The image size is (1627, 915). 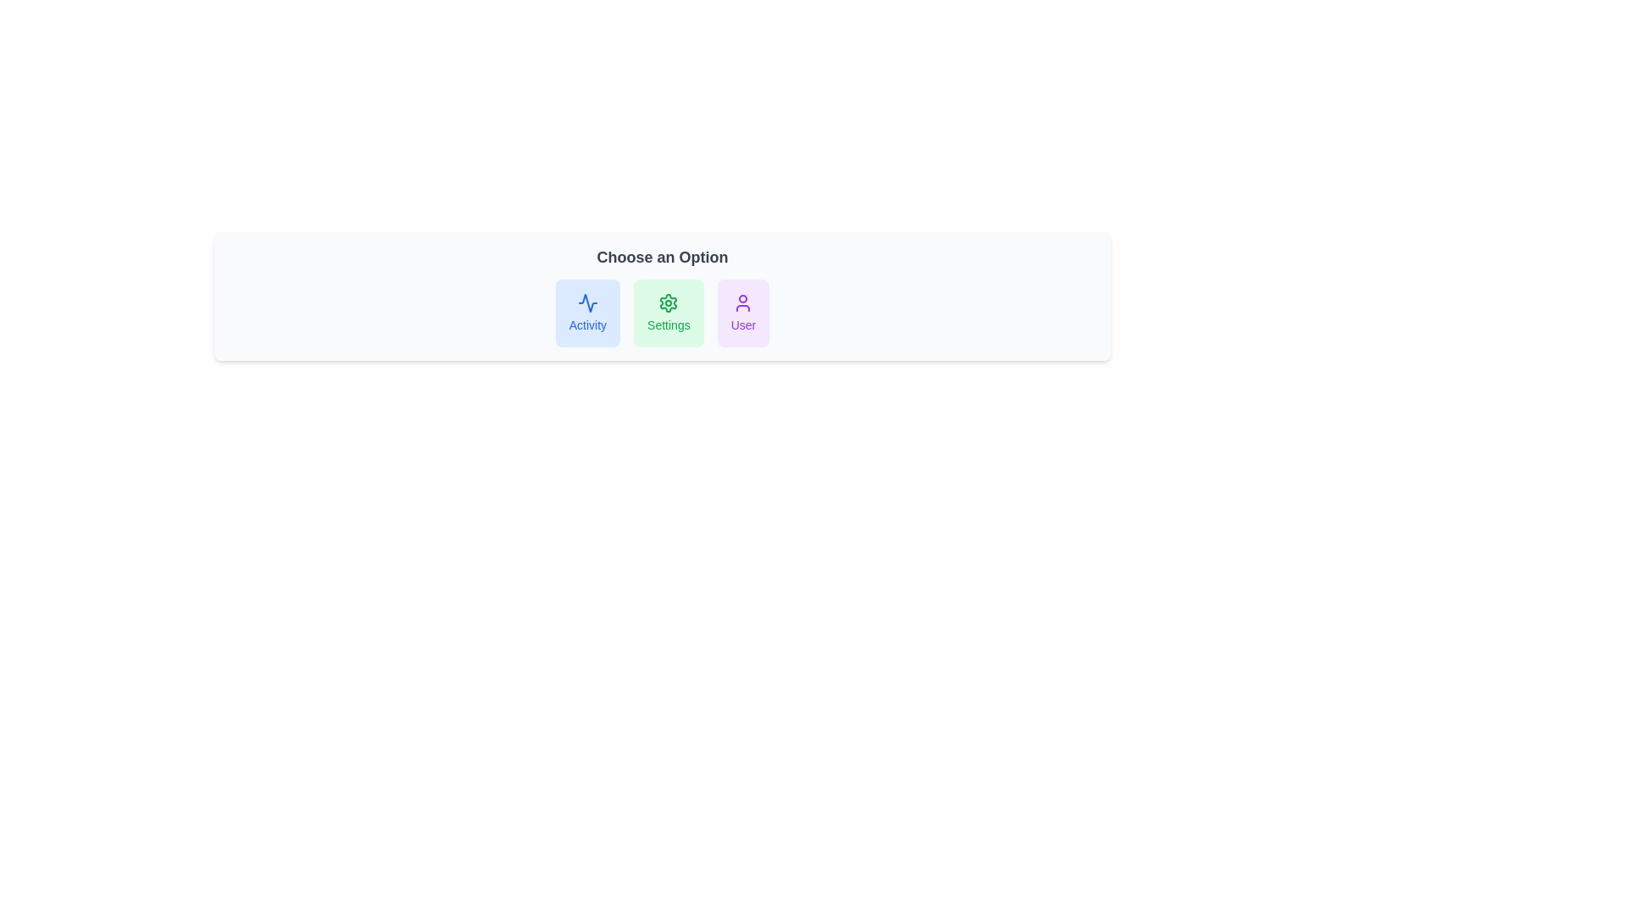 I want to click on the gear icon in the center of the green rectangular block labeled 'Settings', so click(x=668, y=302).